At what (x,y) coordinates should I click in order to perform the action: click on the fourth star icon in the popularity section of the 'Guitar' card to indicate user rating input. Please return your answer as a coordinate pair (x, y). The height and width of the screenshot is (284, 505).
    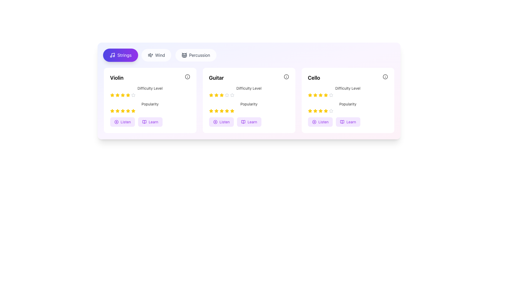
    Looking at the image, I should click on (227, 110).